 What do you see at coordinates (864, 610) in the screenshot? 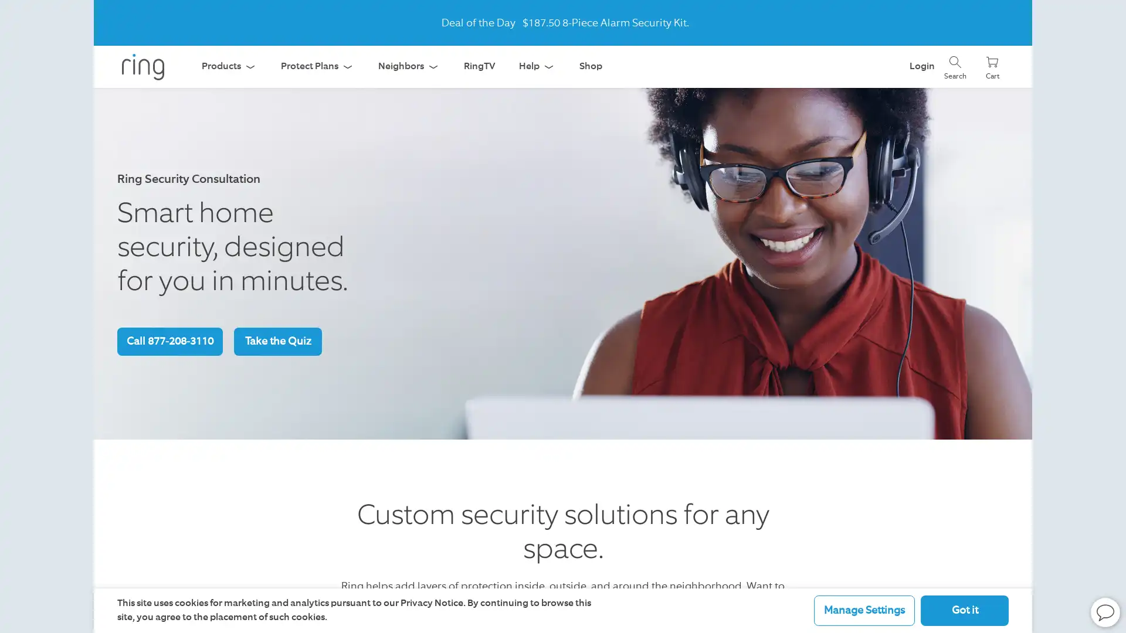
I see `Manage Settings` at bounding box center [864, 610].